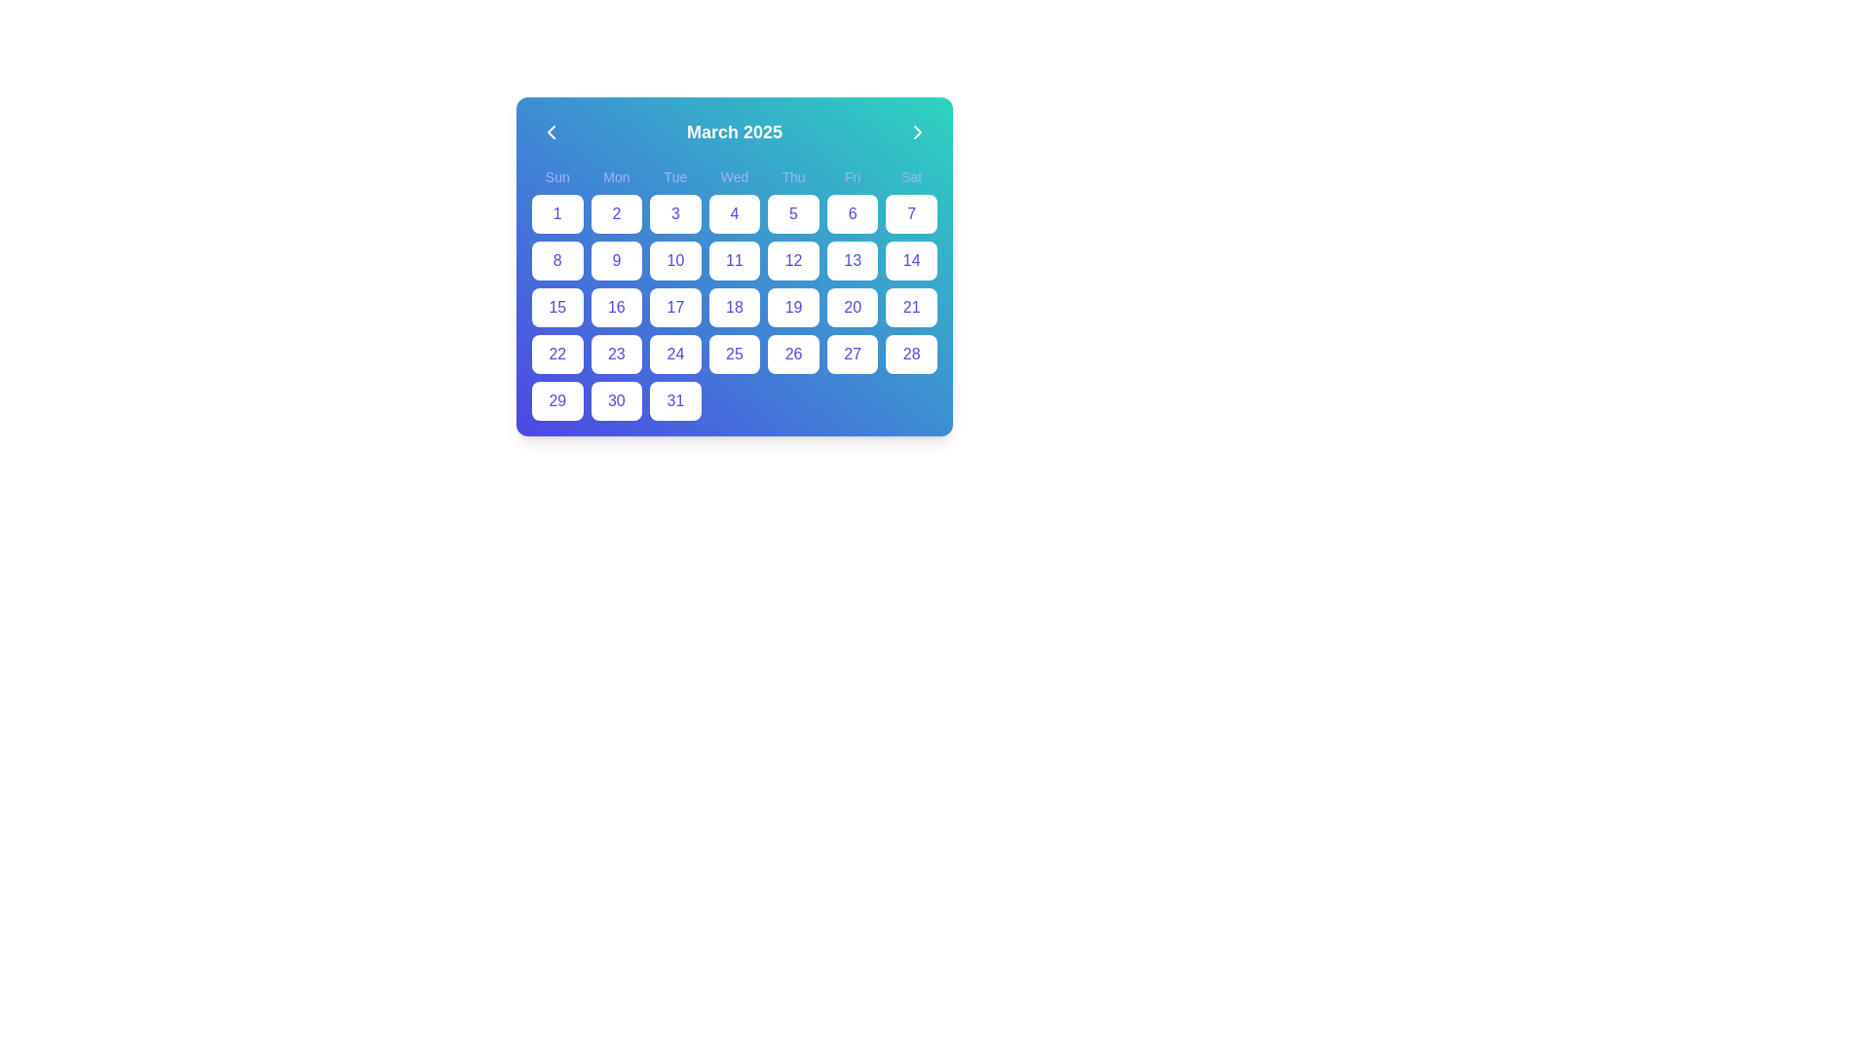 Image resolution: width=1871 pixels, height=1052 pixels. What do you see at coordinates (910, 307) in the screenshot?
I see `the selectable day cell representing the 21st date in the calendar, located in the fourth row and seventh column under the 'Saturday' header` at bounding box center [910, 307].